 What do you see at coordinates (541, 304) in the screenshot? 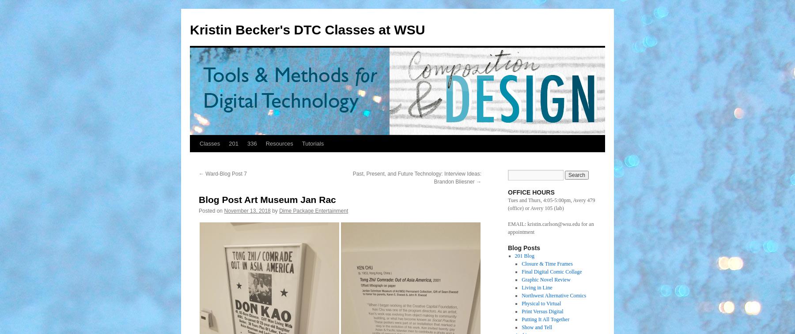
I see `'Physical to Virtual'` at bounding box center [541, 304].